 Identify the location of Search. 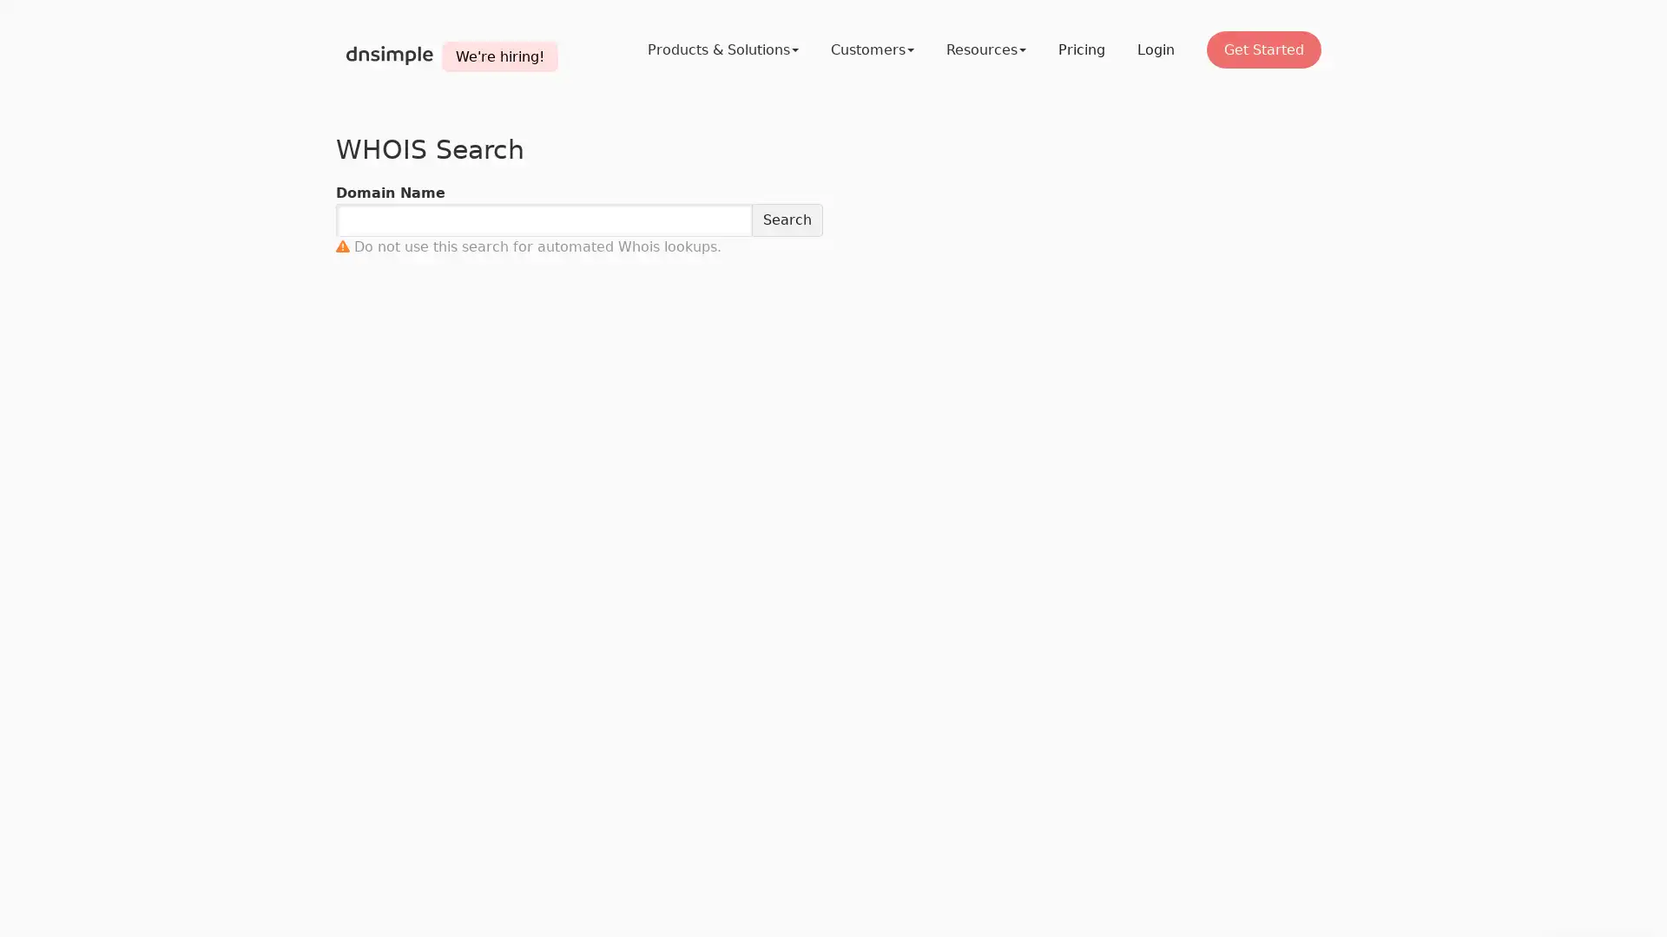
(787, 220).